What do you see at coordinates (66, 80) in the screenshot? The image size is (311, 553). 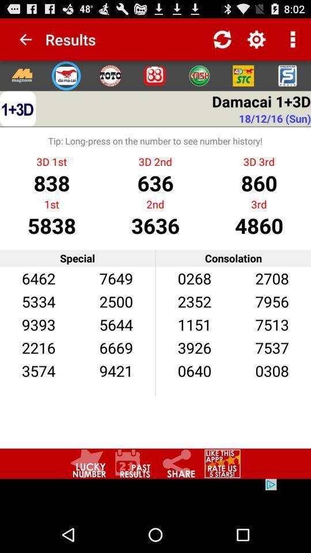 I see `the email icon` at bounding box center [66, 80].